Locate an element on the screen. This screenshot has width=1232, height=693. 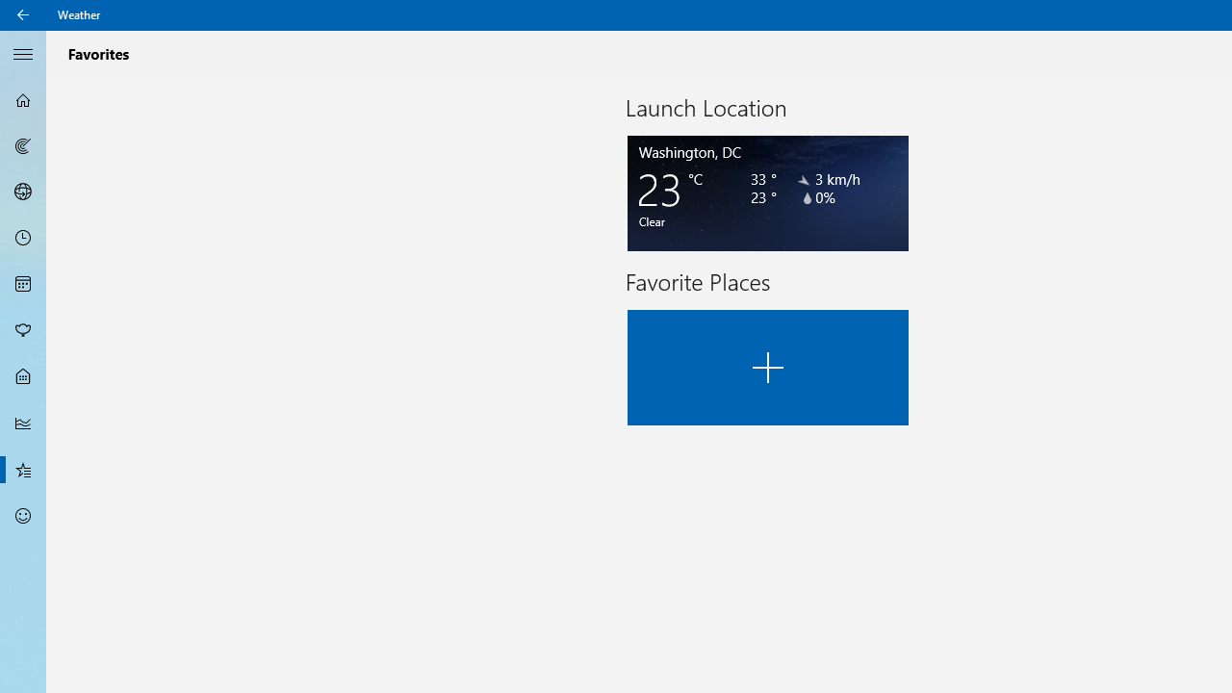
'Monthly Forecast - Not Selected' is located at coordinates (23, 284).